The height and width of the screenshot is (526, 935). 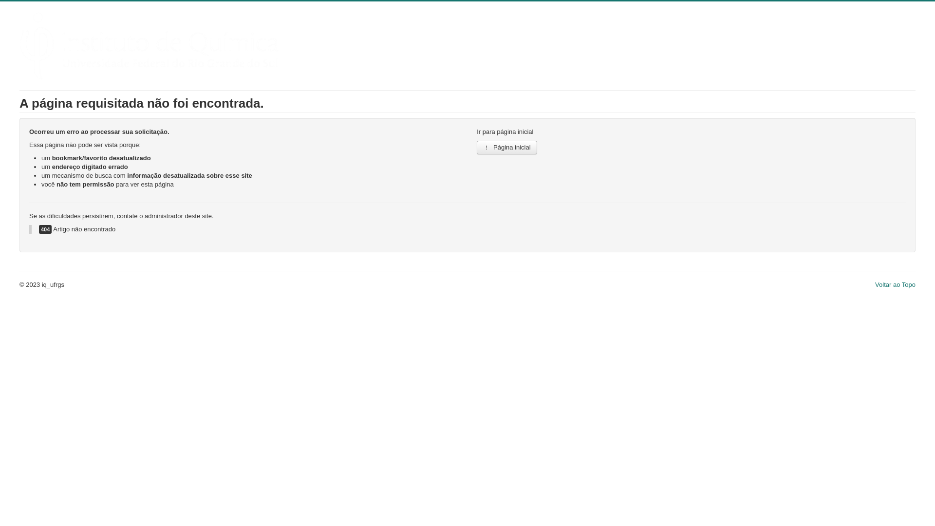 What do you see at coordinates (895, 284) in the screenshot?
I see `'Voltar ao Topo'` at bounding box center [895, 284].